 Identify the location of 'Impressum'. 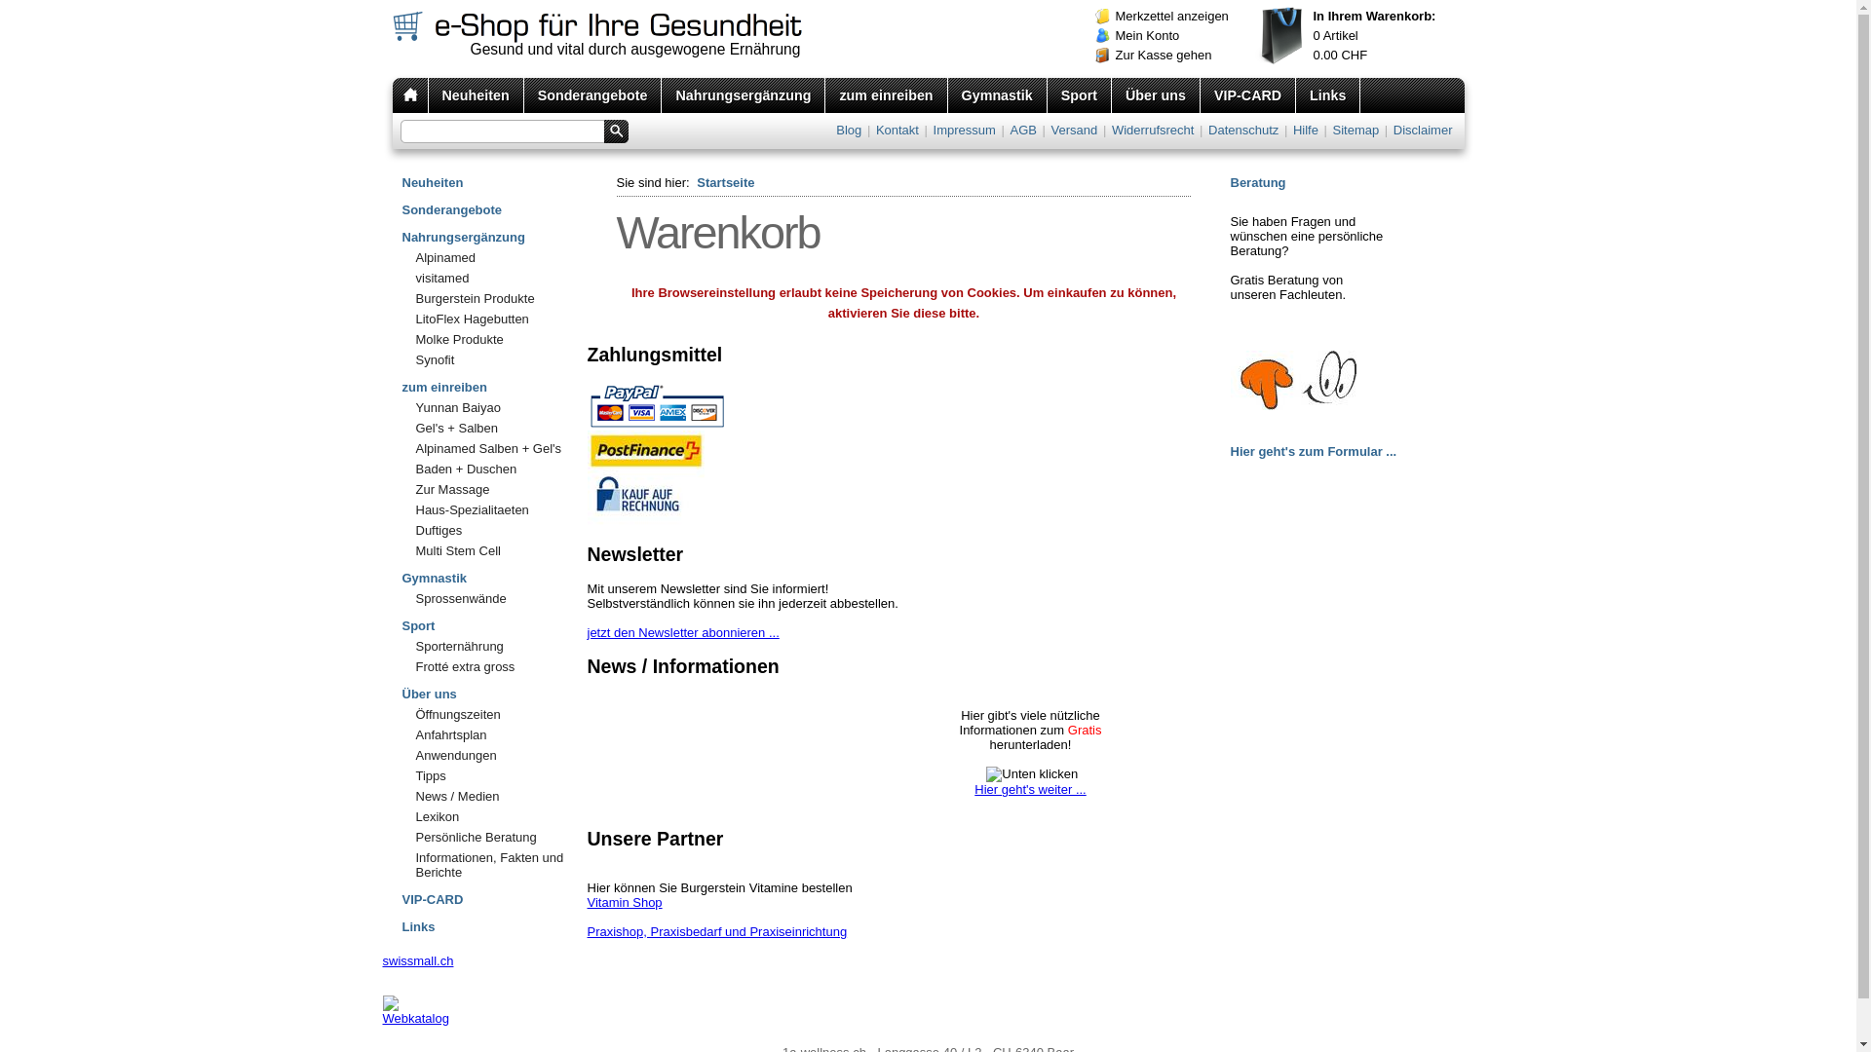
(964, 130).